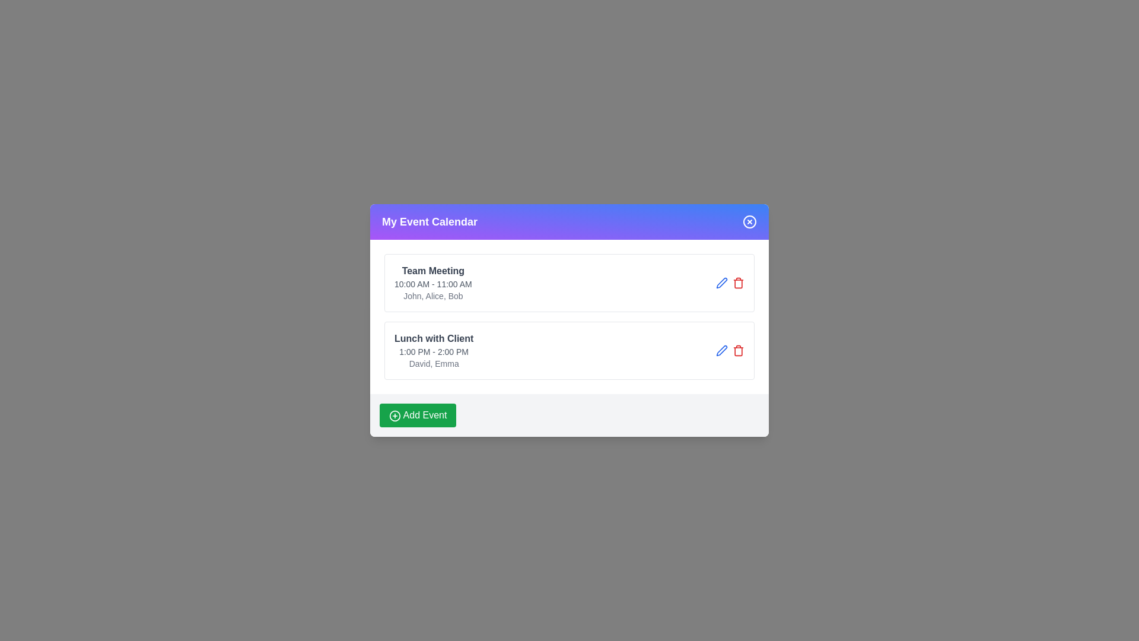  What do you see at coordinates (433, 350) in the screenshot?
I see `the text display element that shows the event details for a lunch meeting, which includes the title 'Lunch with Client', timing '1:00 PM - 2:00 PM', and participants 'David, Emma'` at bounding box center [433, 350].